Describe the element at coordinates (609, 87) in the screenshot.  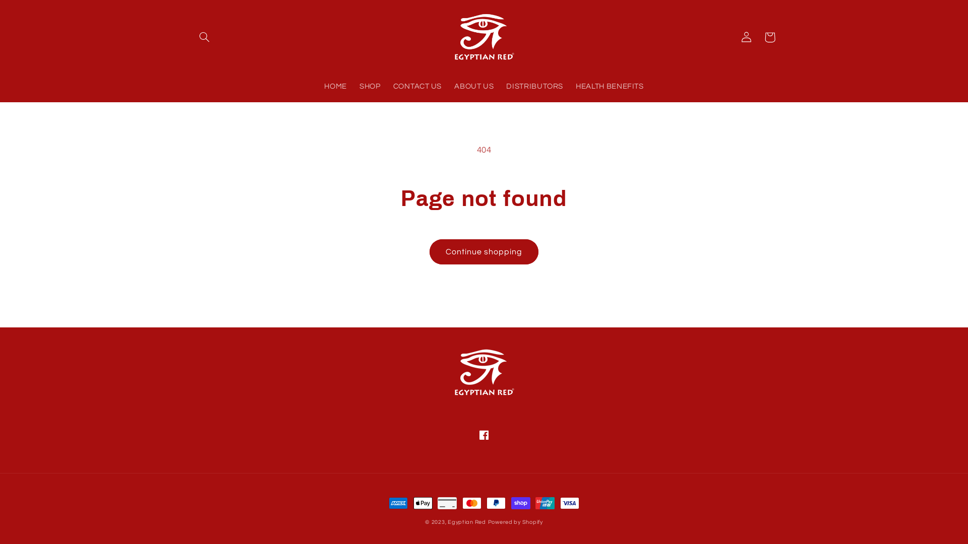
I see `'HEALTH BENEFITS'` at that location.